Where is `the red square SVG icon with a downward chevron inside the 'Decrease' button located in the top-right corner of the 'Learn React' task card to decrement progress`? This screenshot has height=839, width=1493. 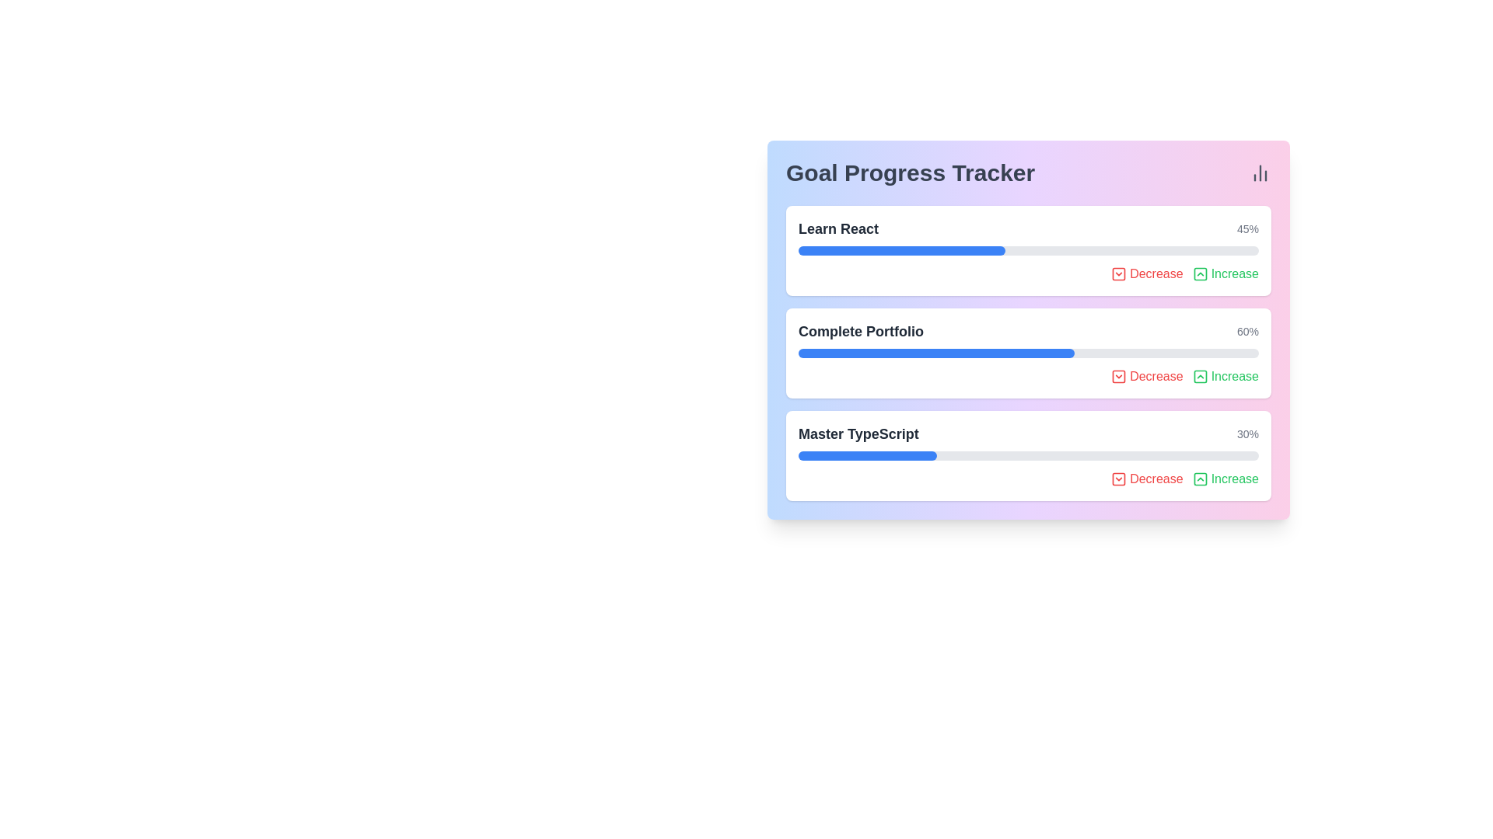
the red square SVG icon with a downward chevron inside the 'Decrease' button located in the top-right corner of the 'Learn React' task card to decrement progress is located at coordinates (1118, 273).